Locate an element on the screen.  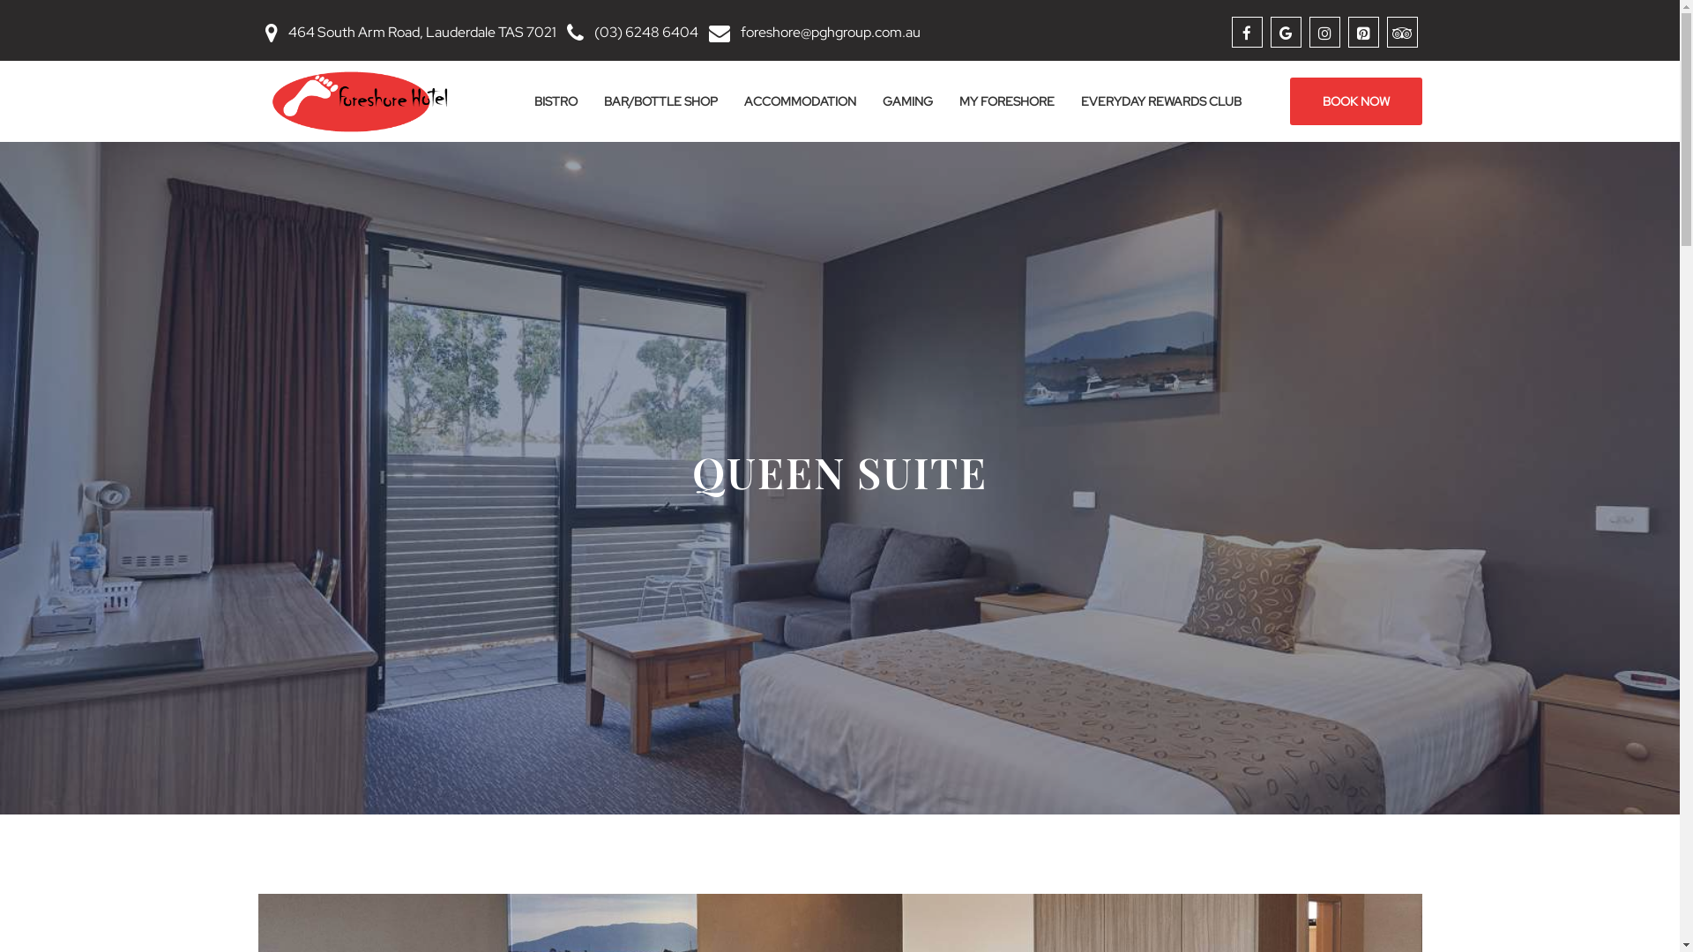
'ACCOMMODATION' is located at coordinates (730, 101).